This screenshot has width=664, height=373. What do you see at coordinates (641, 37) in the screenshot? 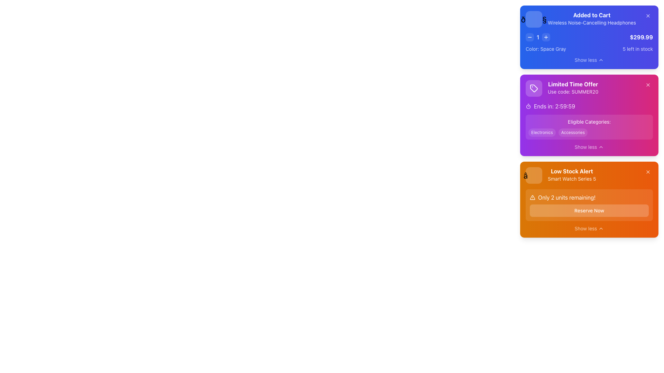
I see `the price label located at the upper-right section inside the blue card titled 'Added to Cart', which indicates the cost of the item` at bounding box center [641, 37].